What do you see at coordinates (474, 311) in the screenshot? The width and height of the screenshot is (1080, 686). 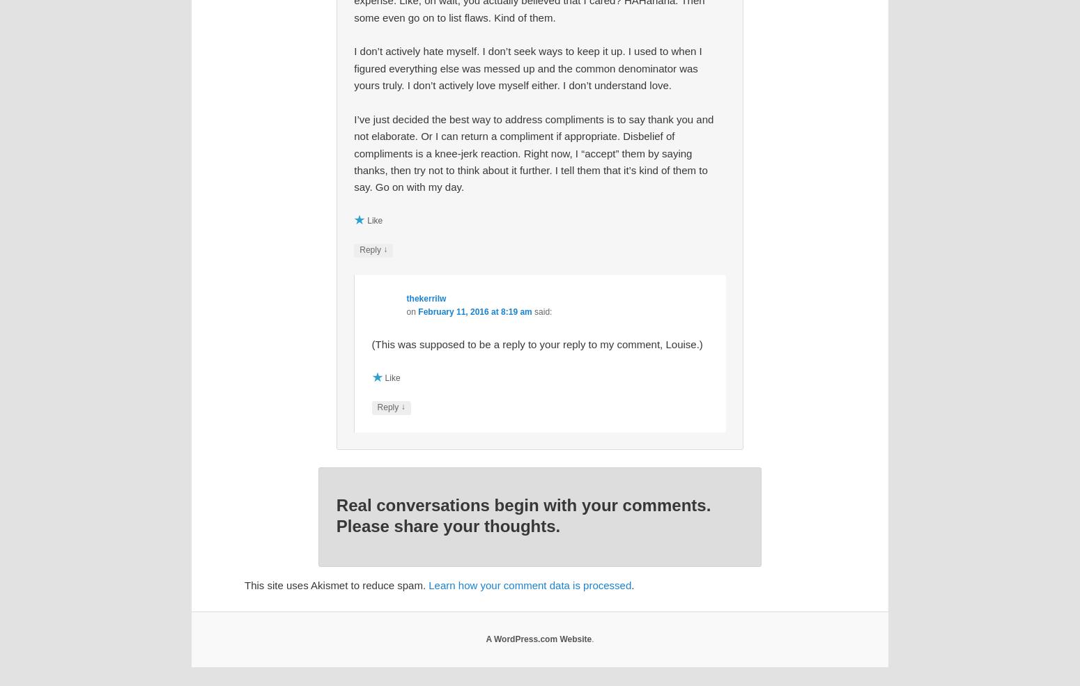 I see `'February 11, 2016 at 8:19 am'` at bounding box center [474, 311].